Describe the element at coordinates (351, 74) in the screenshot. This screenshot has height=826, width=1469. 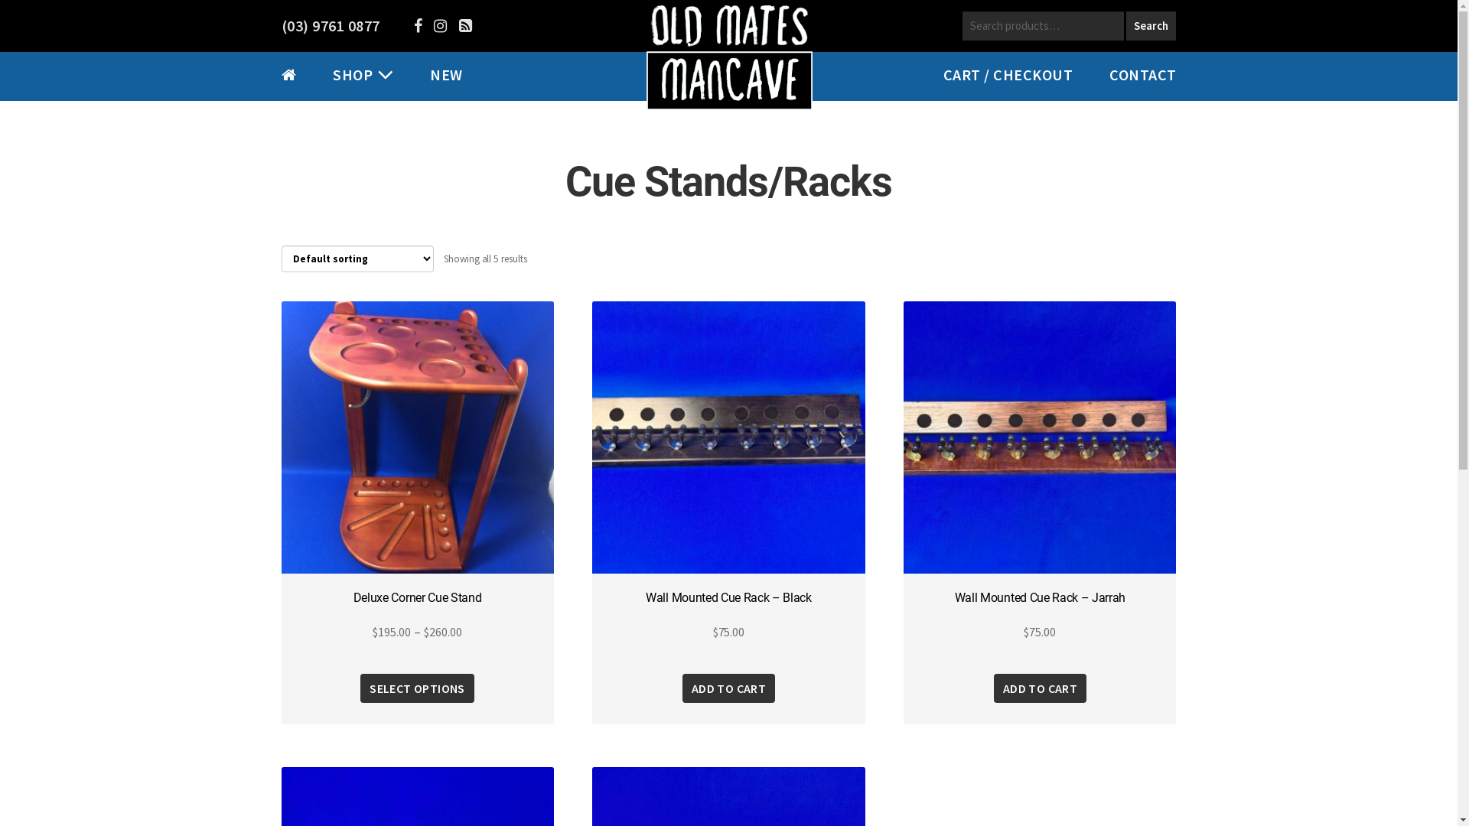
I see `'SHOP'` at that location.